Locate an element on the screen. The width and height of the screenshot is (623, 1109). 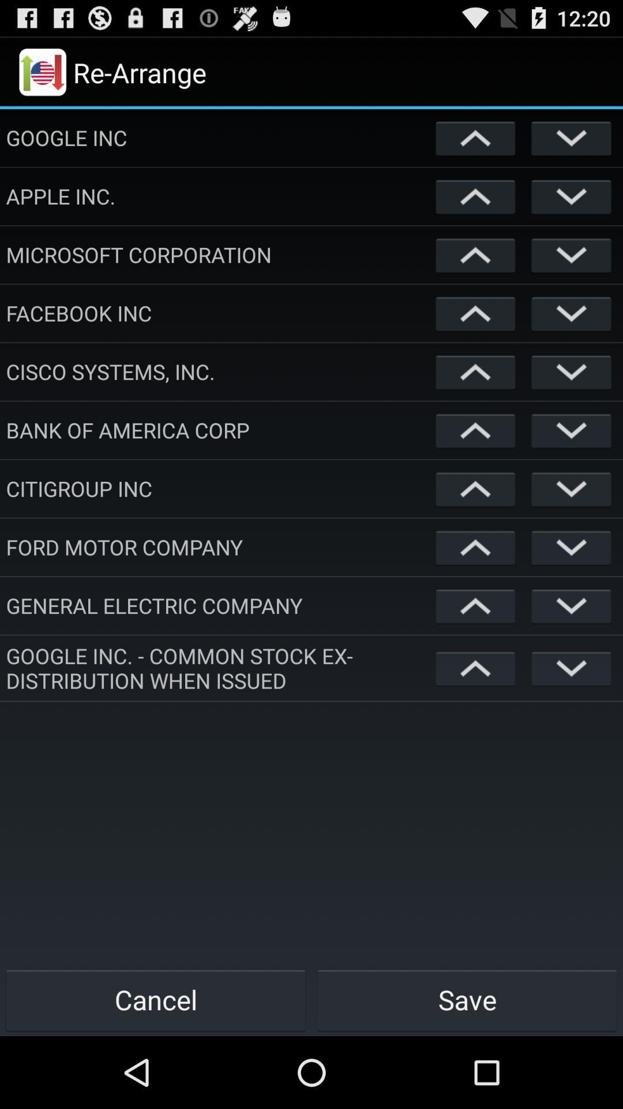
hide option is located at coordinates (571, 489).